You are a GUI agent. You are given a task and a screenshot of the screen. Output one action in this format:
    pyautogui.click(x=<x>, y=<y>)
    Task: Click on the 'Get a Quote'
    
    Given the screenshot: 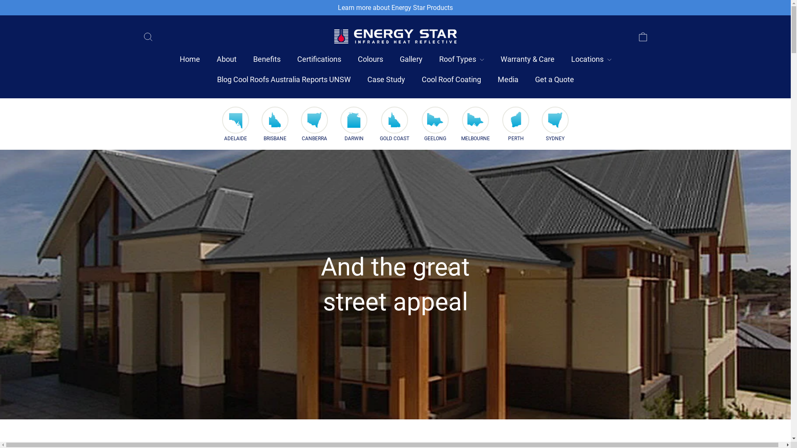 What is the action you would take?
    pyautogui.click(x=526, y=80)
    